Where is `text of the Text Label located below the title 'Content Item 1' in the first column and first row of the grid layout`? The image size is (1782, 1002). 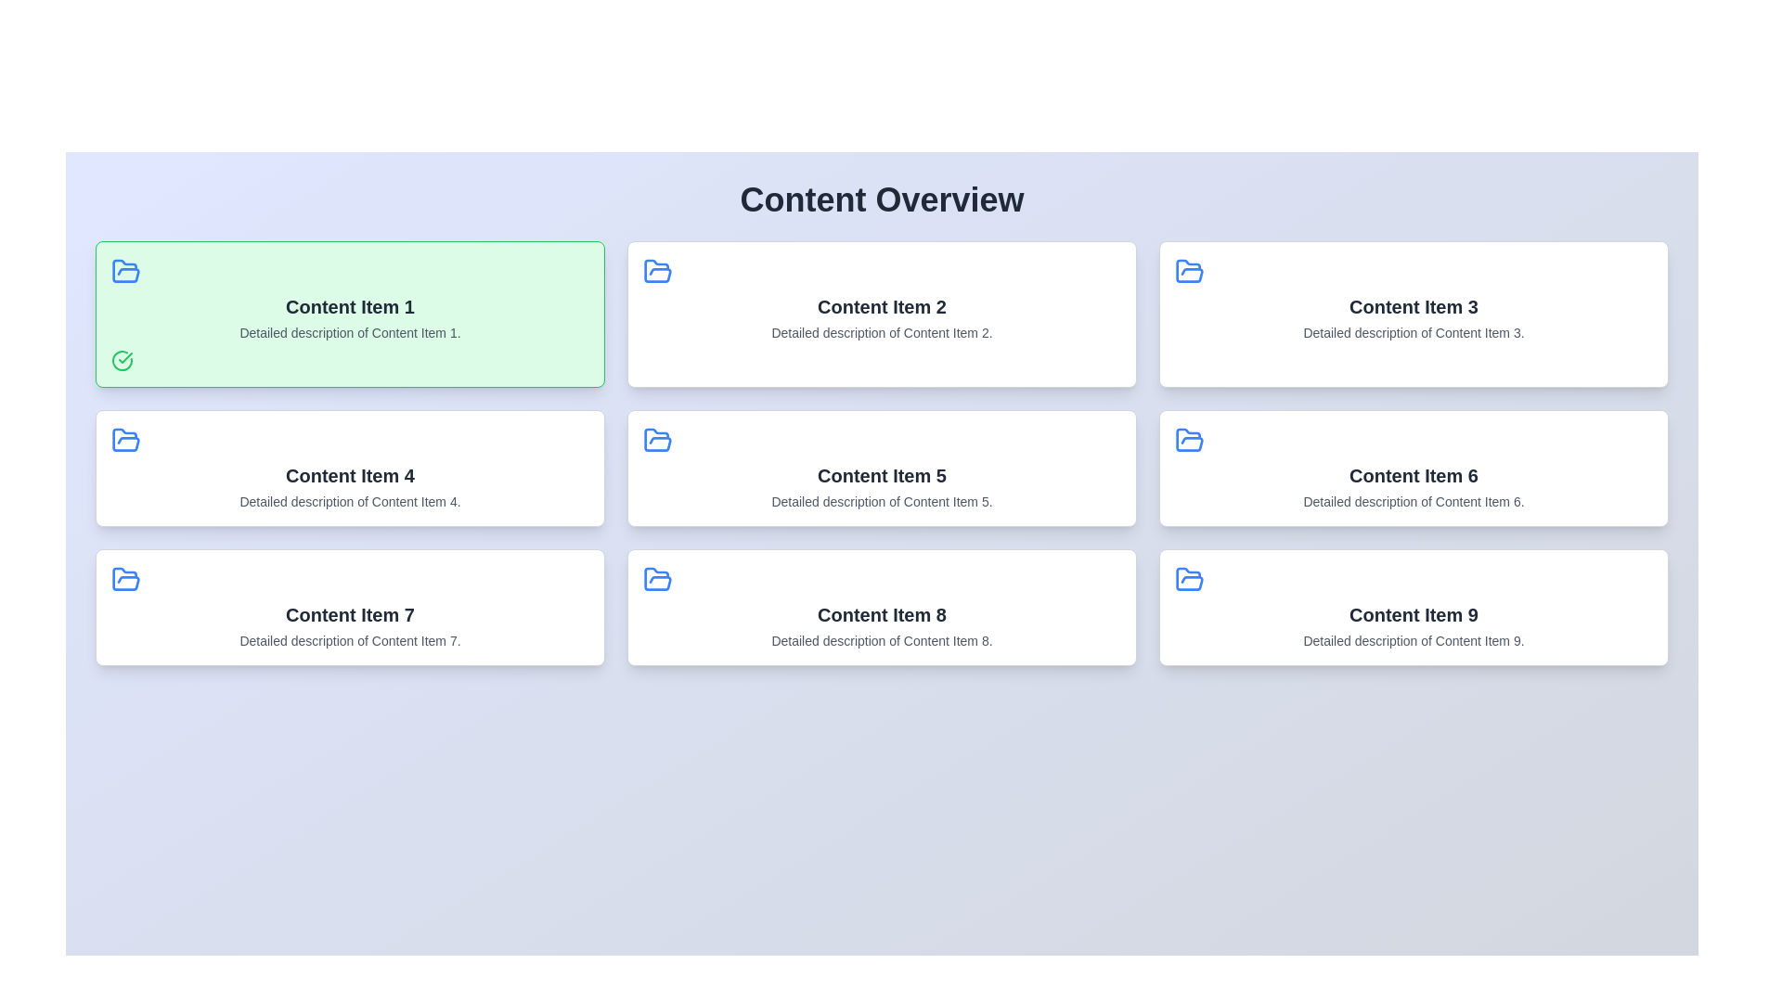 text of the Text Label located below the title 'Content Item 1' in the first column and first row of the grid layout is located at coordinates (350, 331).